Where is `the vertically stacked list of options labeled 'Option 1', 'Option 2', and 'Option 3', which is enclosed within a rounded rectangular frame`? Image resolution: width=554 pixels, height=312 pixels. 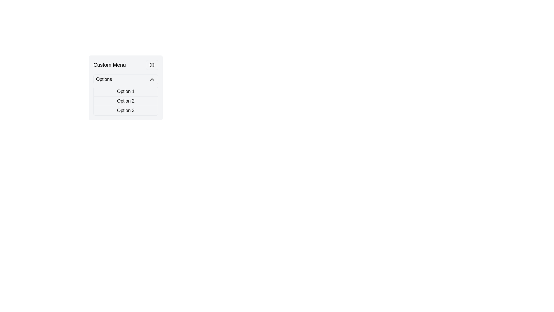
the vertically stacked list of options labeled 'Option 1', 'Option 2', and 'Option 3', which is enclosed within a rounded rectangular frame is located at coordinates (126, 101).